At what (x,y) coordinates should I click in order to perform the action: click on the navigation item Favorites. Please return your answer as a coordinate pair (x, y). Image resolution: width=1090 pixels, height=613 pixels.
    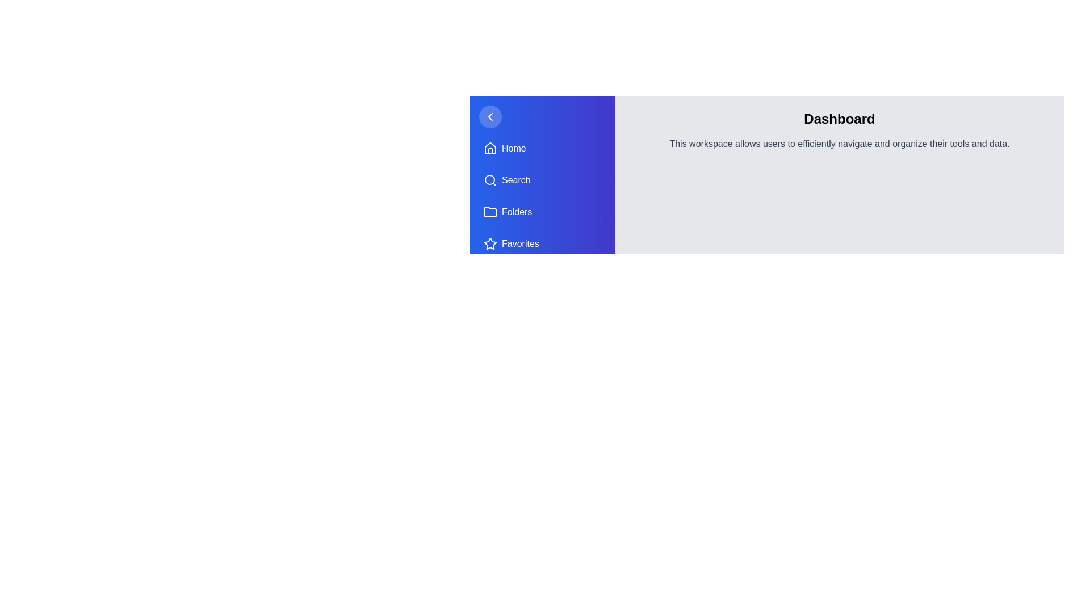
    Looking at the image, I should click on (542, 243).